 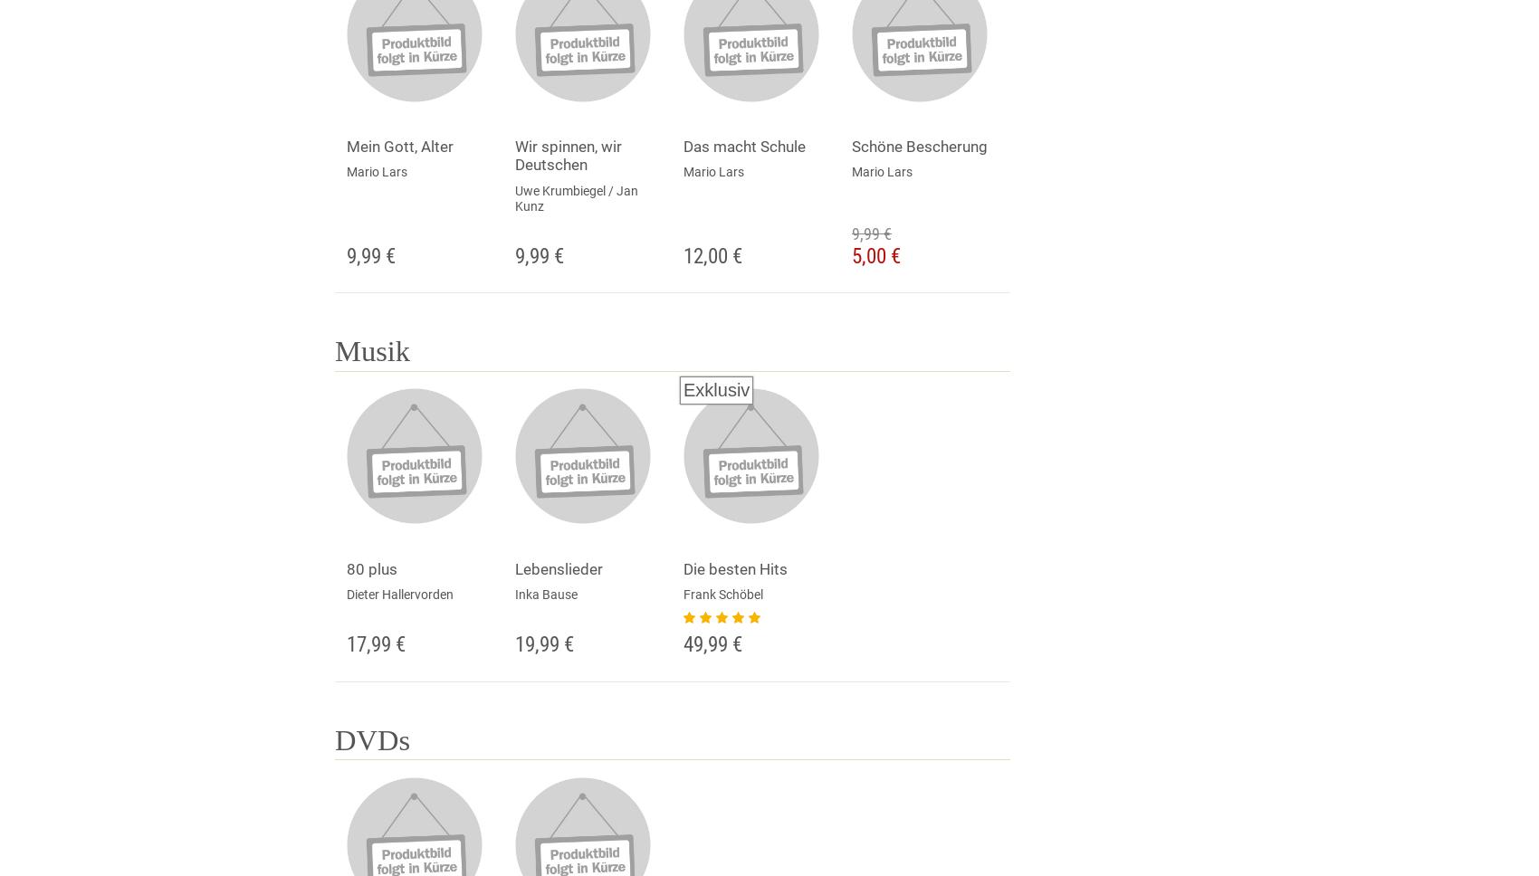 What do you see at coordinates (575, 196) in the screenshot?
I see `'Uwe Krumbiegel / Jan Kunz'` at bounding box center [575, 196].